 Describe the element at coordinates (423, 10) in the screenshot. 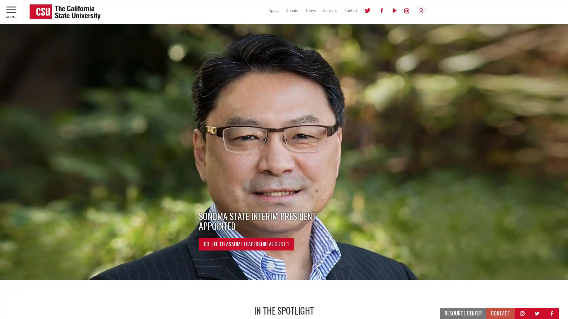

I see `Click button to perform a search` at that location.